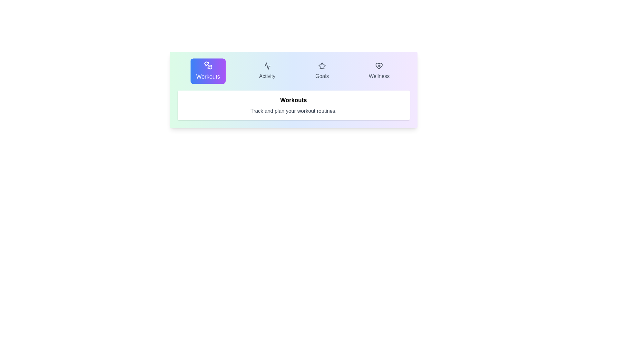  Describe the element at coordinates (322, 71) in the screenshot. I see `the 'Goals' button, which features a star icon and muted gray text` at that location.